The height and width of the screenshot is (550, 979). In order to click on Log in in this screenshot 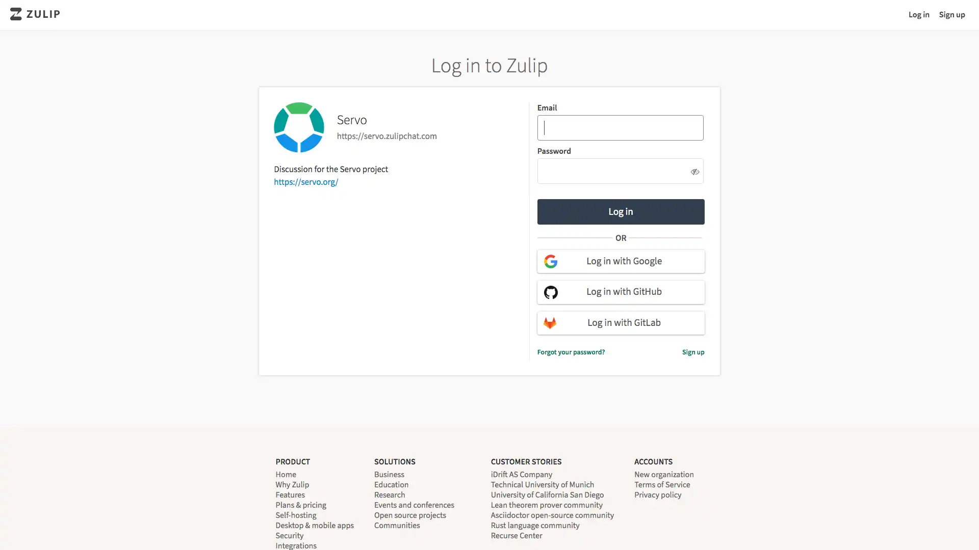, I will do `click(620, 211)`.